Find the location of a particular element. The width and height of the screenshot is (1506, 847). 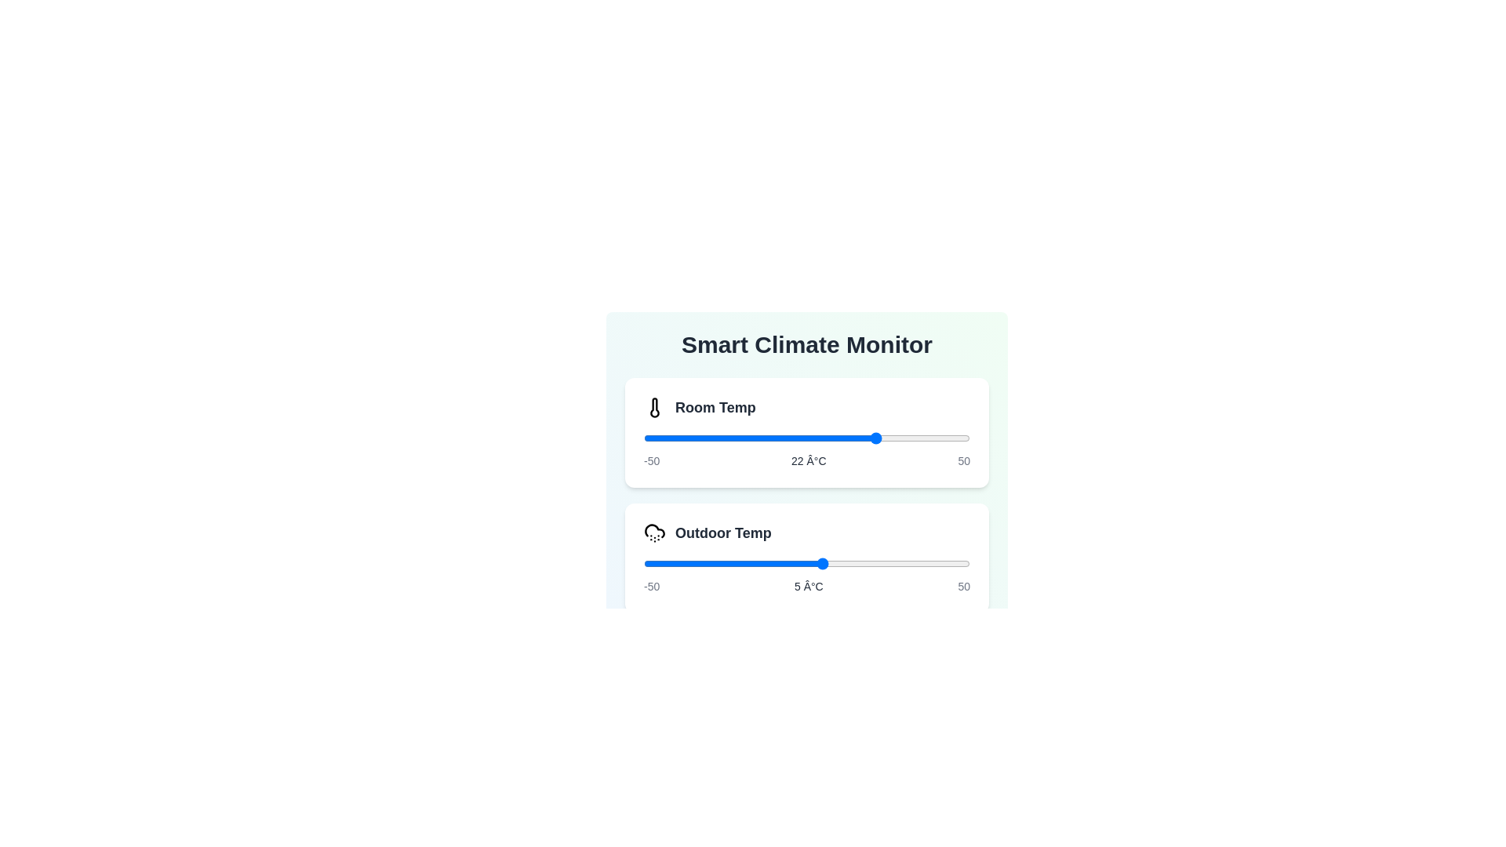

the slider for 'Room Temp' to set its value to -13 is located at coordinates (764, 438).